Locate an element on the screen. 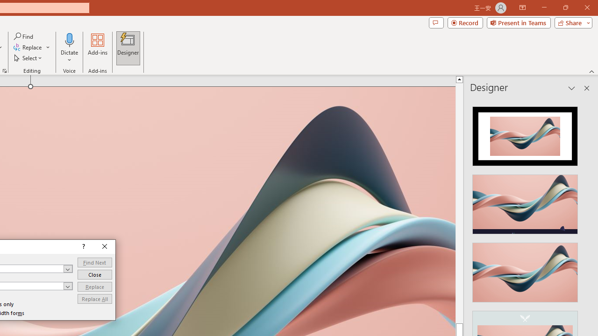  'Context help' is located at coordinates (83, 246).